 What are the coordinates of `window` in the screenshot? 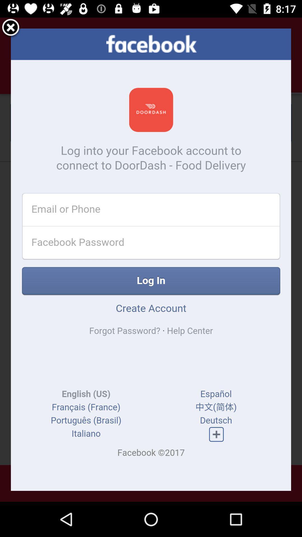 It's located at (11, 28).